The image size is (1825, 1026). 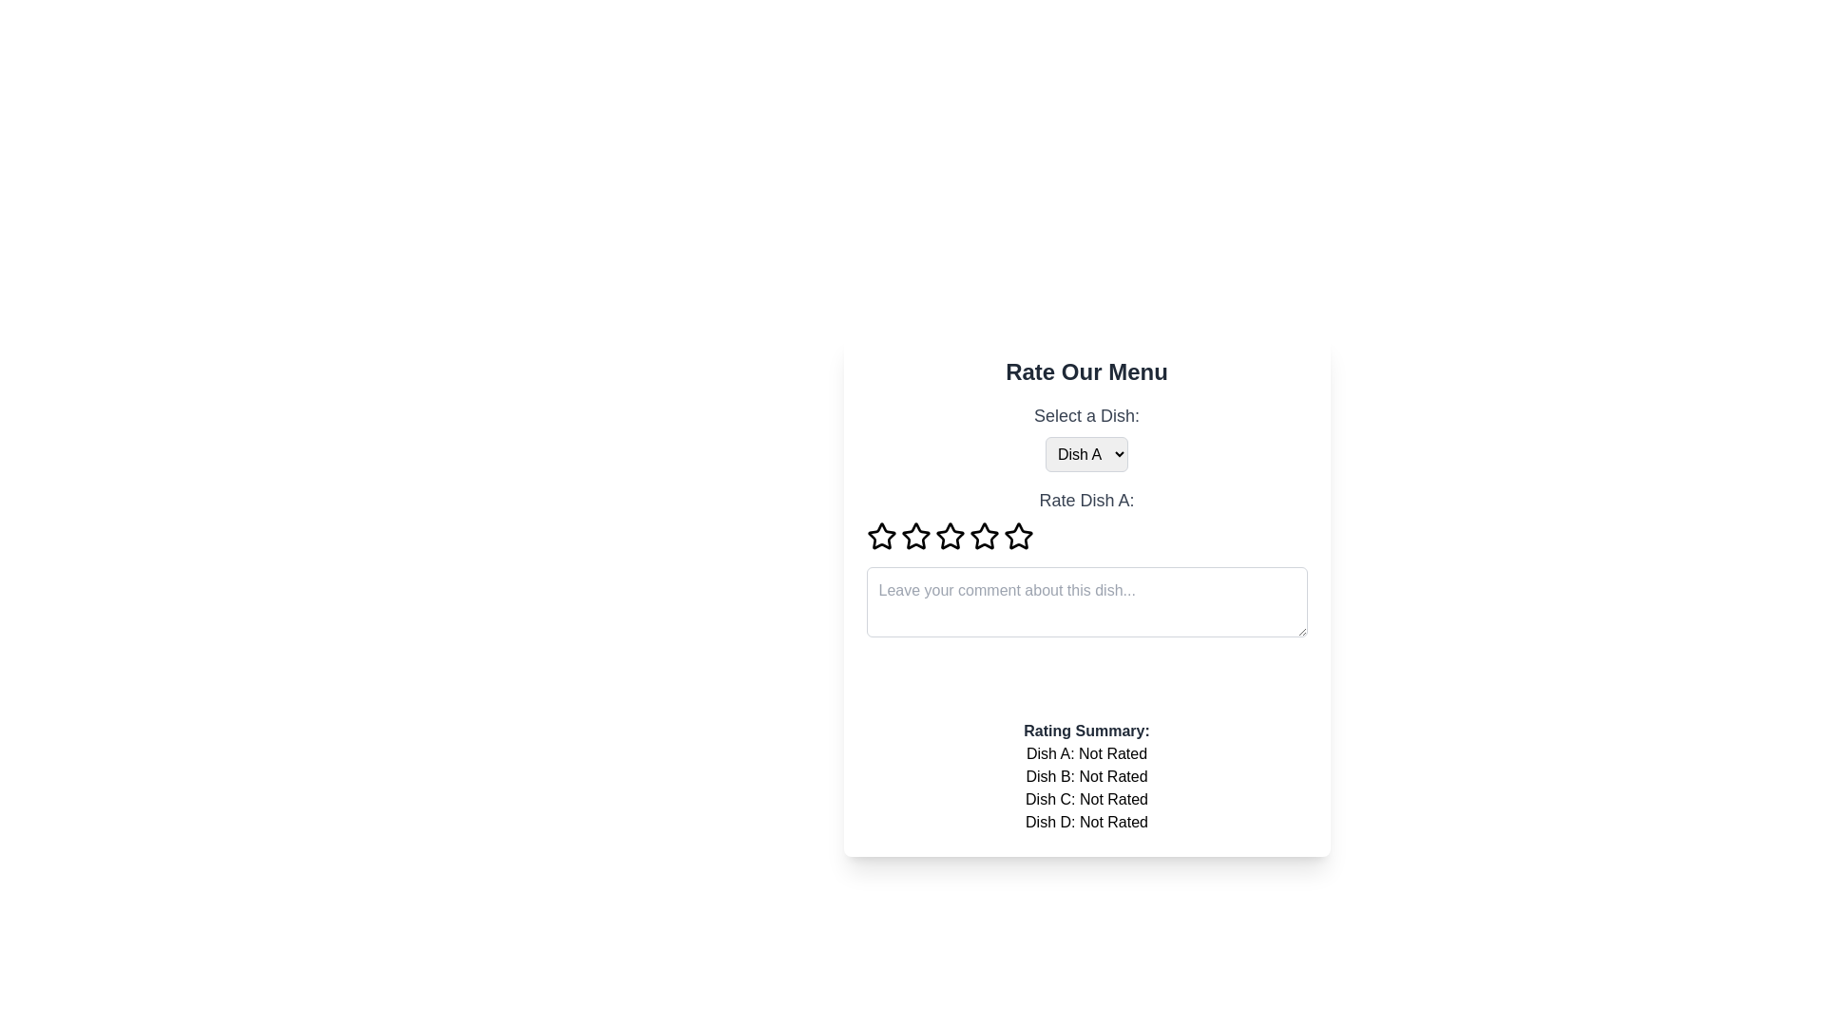 What do you see at coordinates (950, 536) in the screenshot?
I see `the second star icon from the left to rate 'Dish A' in the rating system` at bounding box center [950, 536].